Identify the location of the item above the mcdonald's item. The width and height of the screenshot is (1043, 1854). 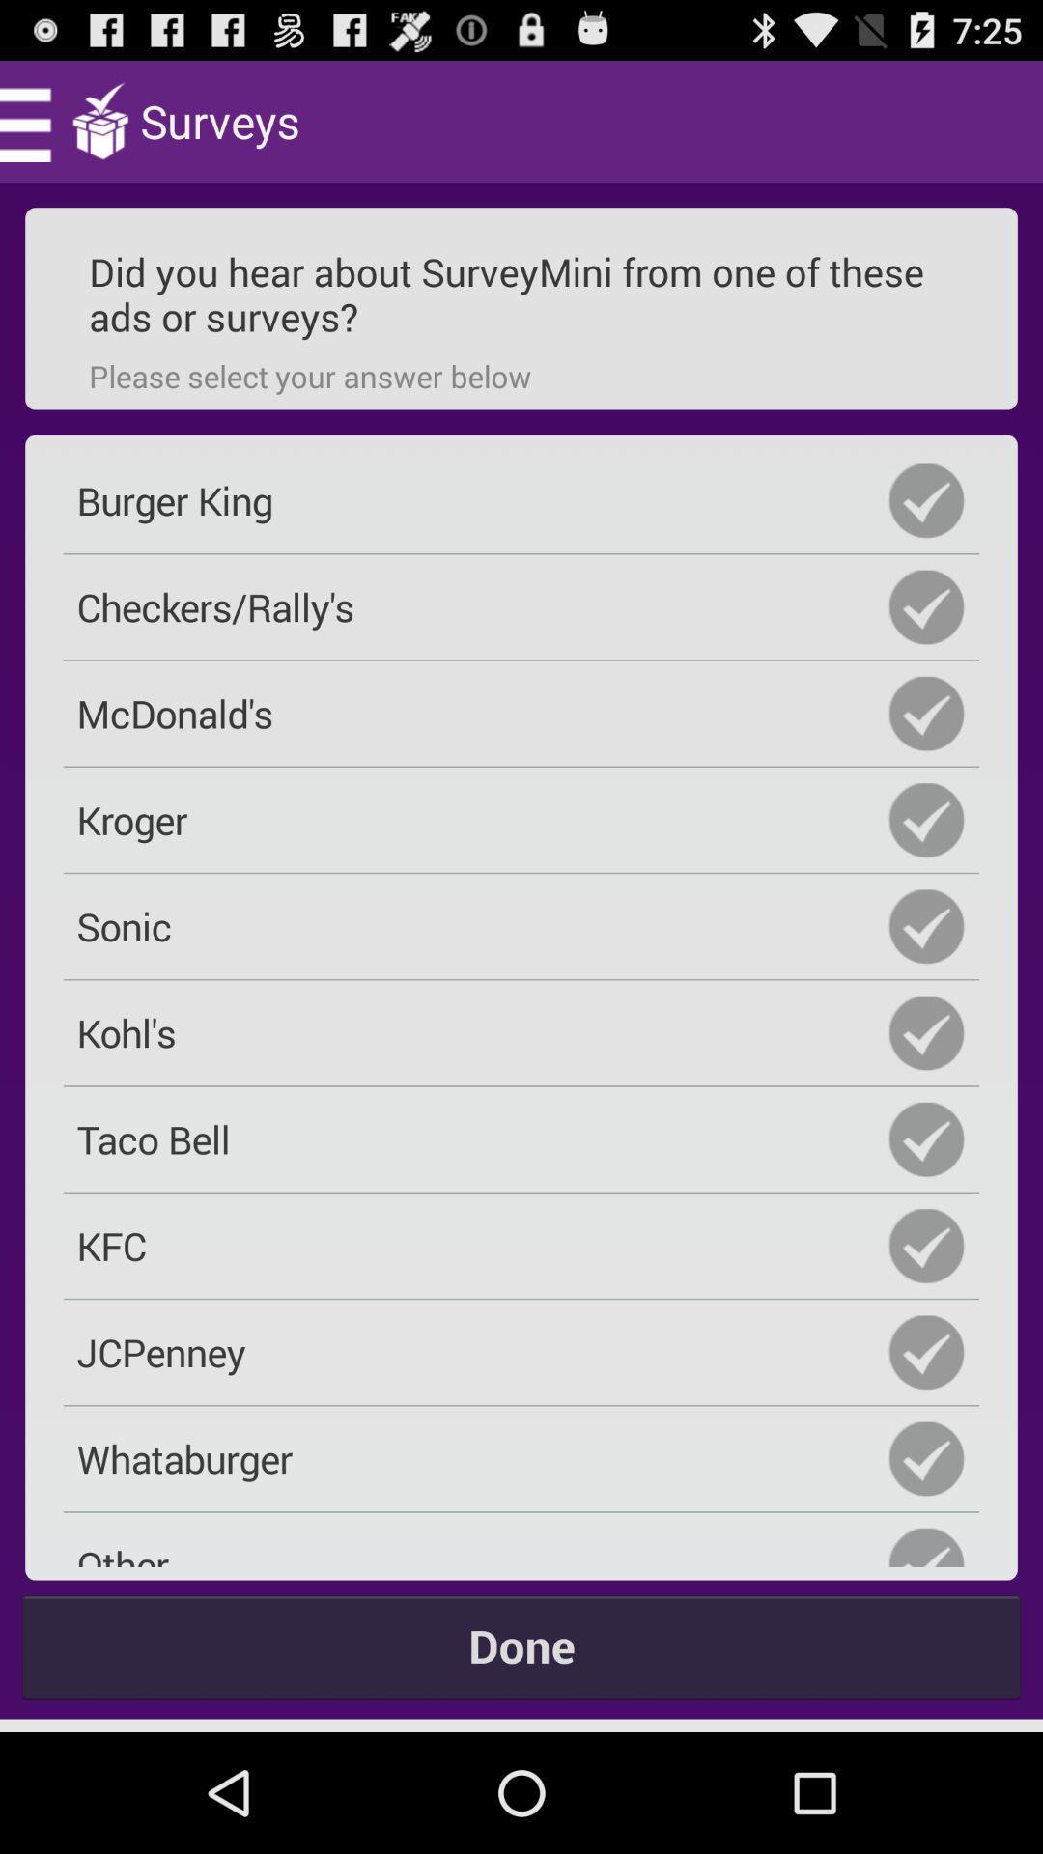
(521, 605).